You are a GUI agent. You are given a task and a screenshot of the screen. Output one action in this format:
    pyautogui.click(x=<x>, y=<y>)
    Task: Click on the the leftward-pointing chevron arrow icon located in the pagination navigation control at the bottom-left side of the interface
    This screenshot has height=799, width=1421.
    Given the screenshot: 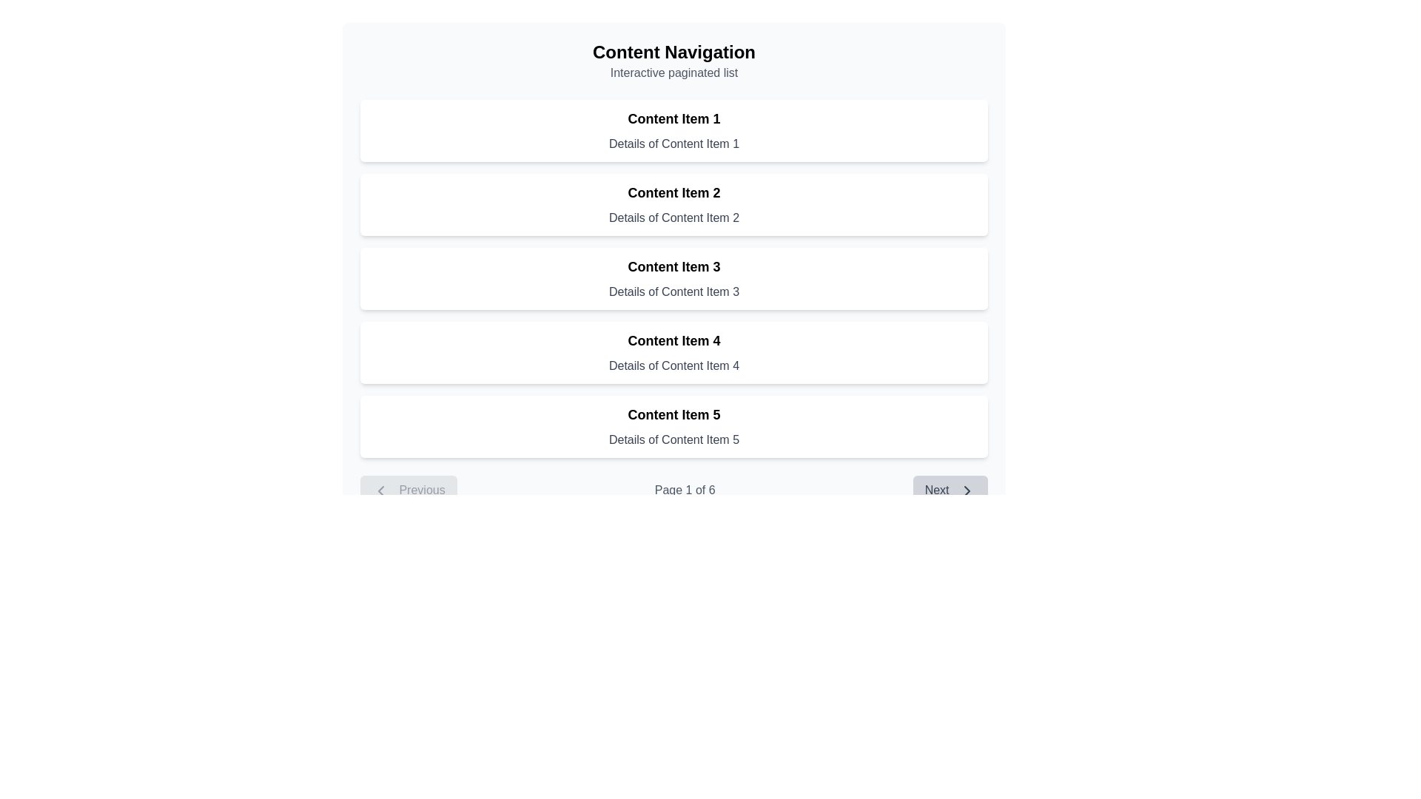 What is the action you would take?
    pyautogui.click(x=380, y=490)
    